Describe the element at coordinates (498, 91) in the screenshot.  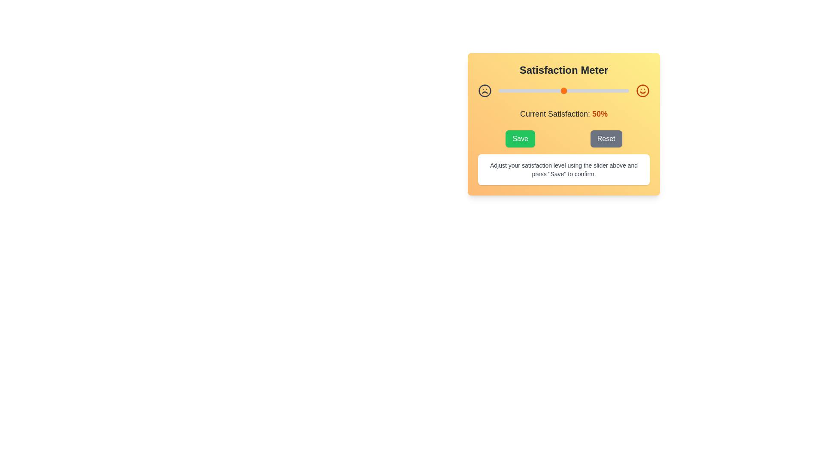
I see `the slider to 0% satisfaction` at that location.